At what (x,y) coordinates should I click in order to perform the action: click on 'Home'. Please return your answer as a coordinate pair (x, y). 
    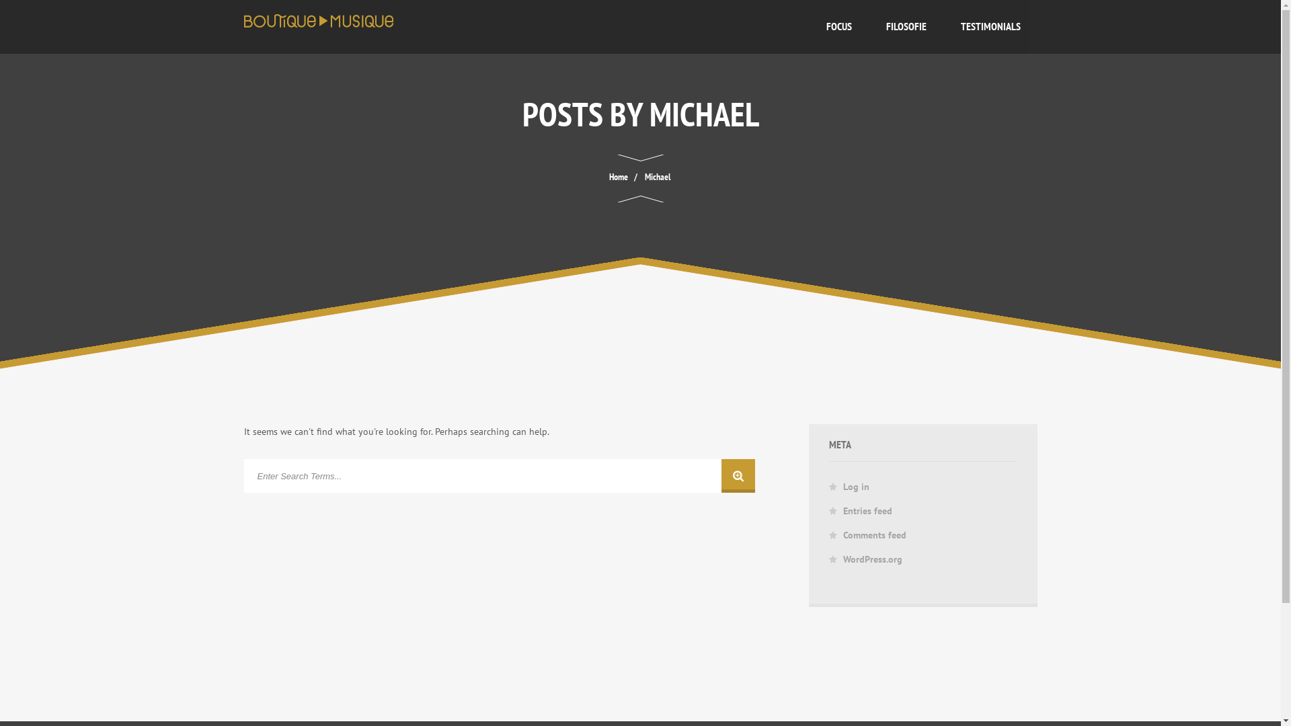
    Looking at the image, I should click on (607, 175).